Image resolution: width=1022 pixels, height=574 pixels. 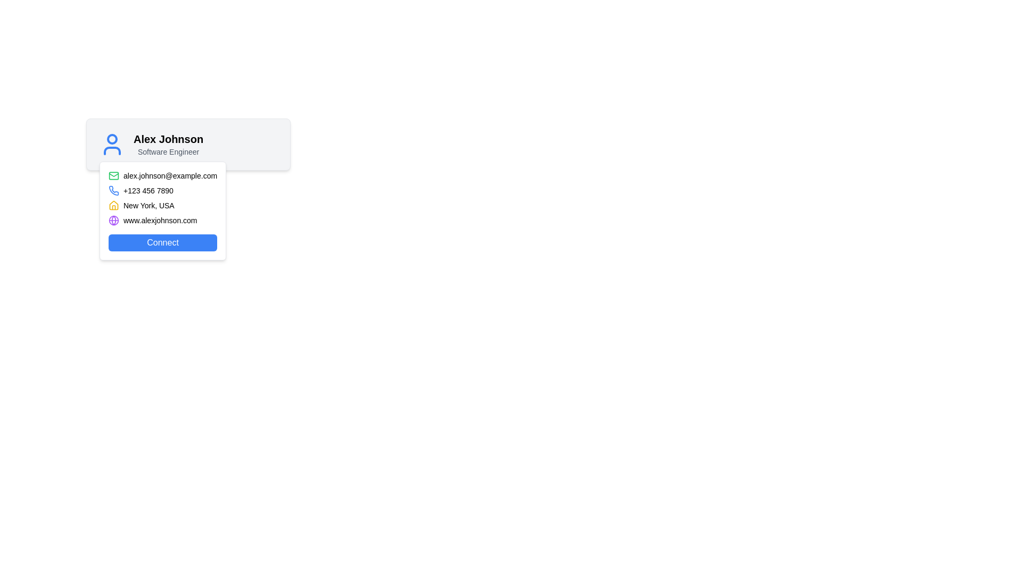 I want to click on the button located at the bottom of the user contact details section to observe the color change, so click(x=162, y=242).